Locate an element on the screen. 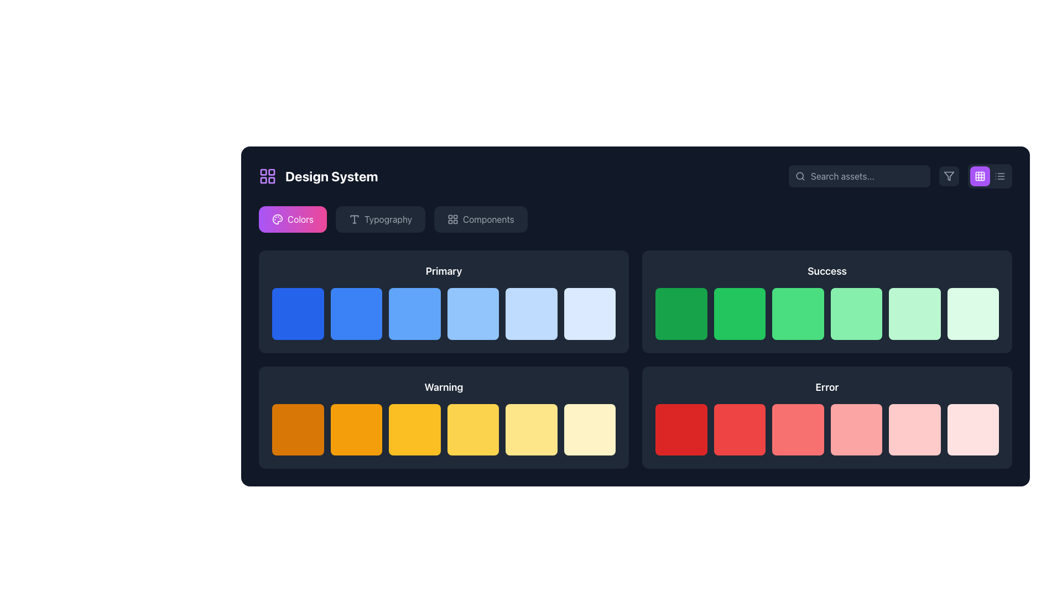  the green interactive tile located second from the left in the top row of the 'Success' section is located at coordinates (680, 313).